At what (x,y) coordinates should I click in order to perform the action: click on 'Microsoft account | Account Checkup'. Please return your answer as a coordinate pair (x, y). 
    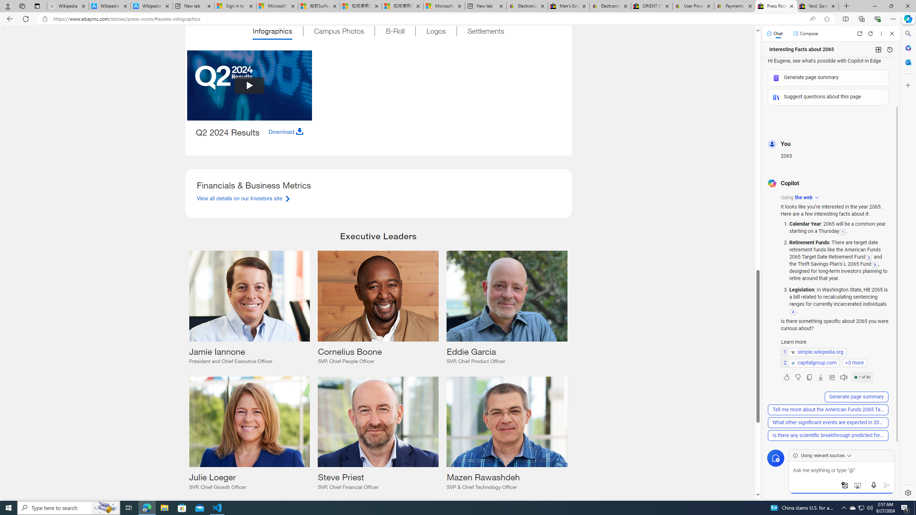
    Looking at the image, I should click on (444, 6).